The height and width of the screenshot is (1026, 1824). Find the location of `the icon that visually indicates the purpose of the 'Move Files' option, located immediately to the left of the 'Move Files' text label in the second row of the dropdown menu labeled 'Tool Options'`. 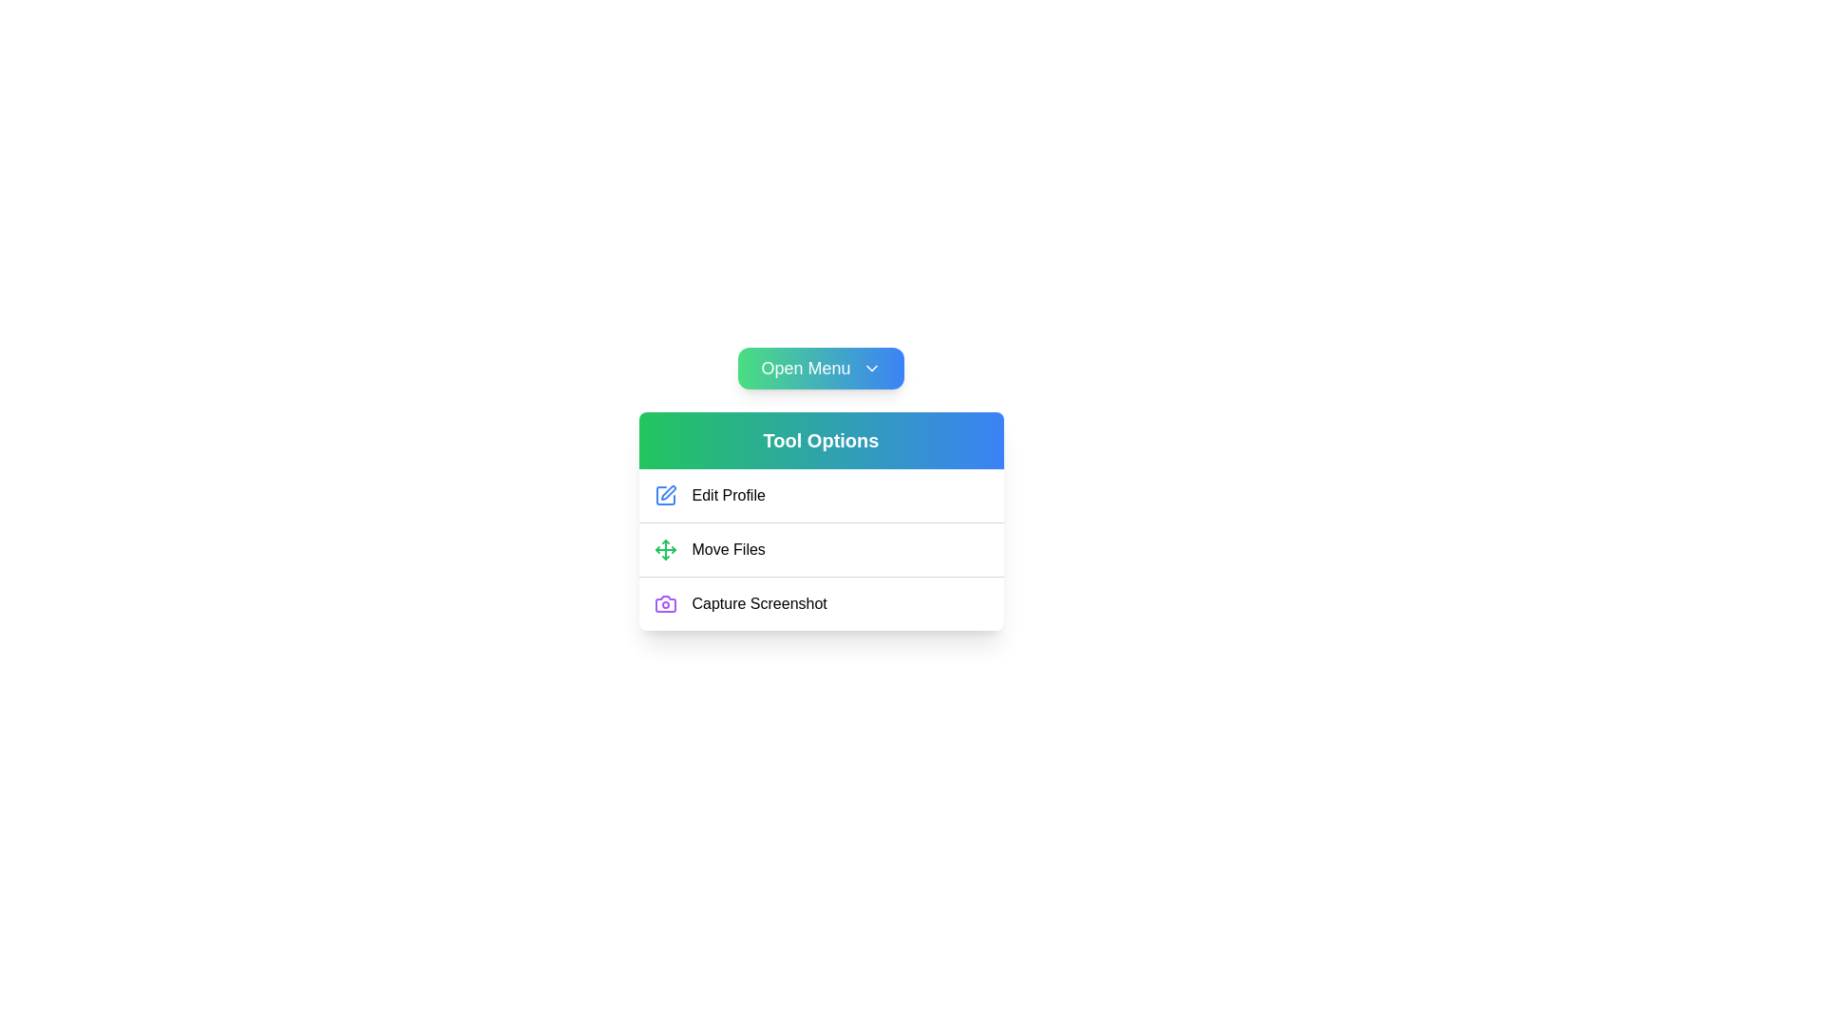

the icon that visually indicates the purpose of the 'Move Files' option, located immediately to the left of the 'Move Files' text label in the second row of the dropdown menu labeled 'Tool Options' is located at coordinates (665, 549).